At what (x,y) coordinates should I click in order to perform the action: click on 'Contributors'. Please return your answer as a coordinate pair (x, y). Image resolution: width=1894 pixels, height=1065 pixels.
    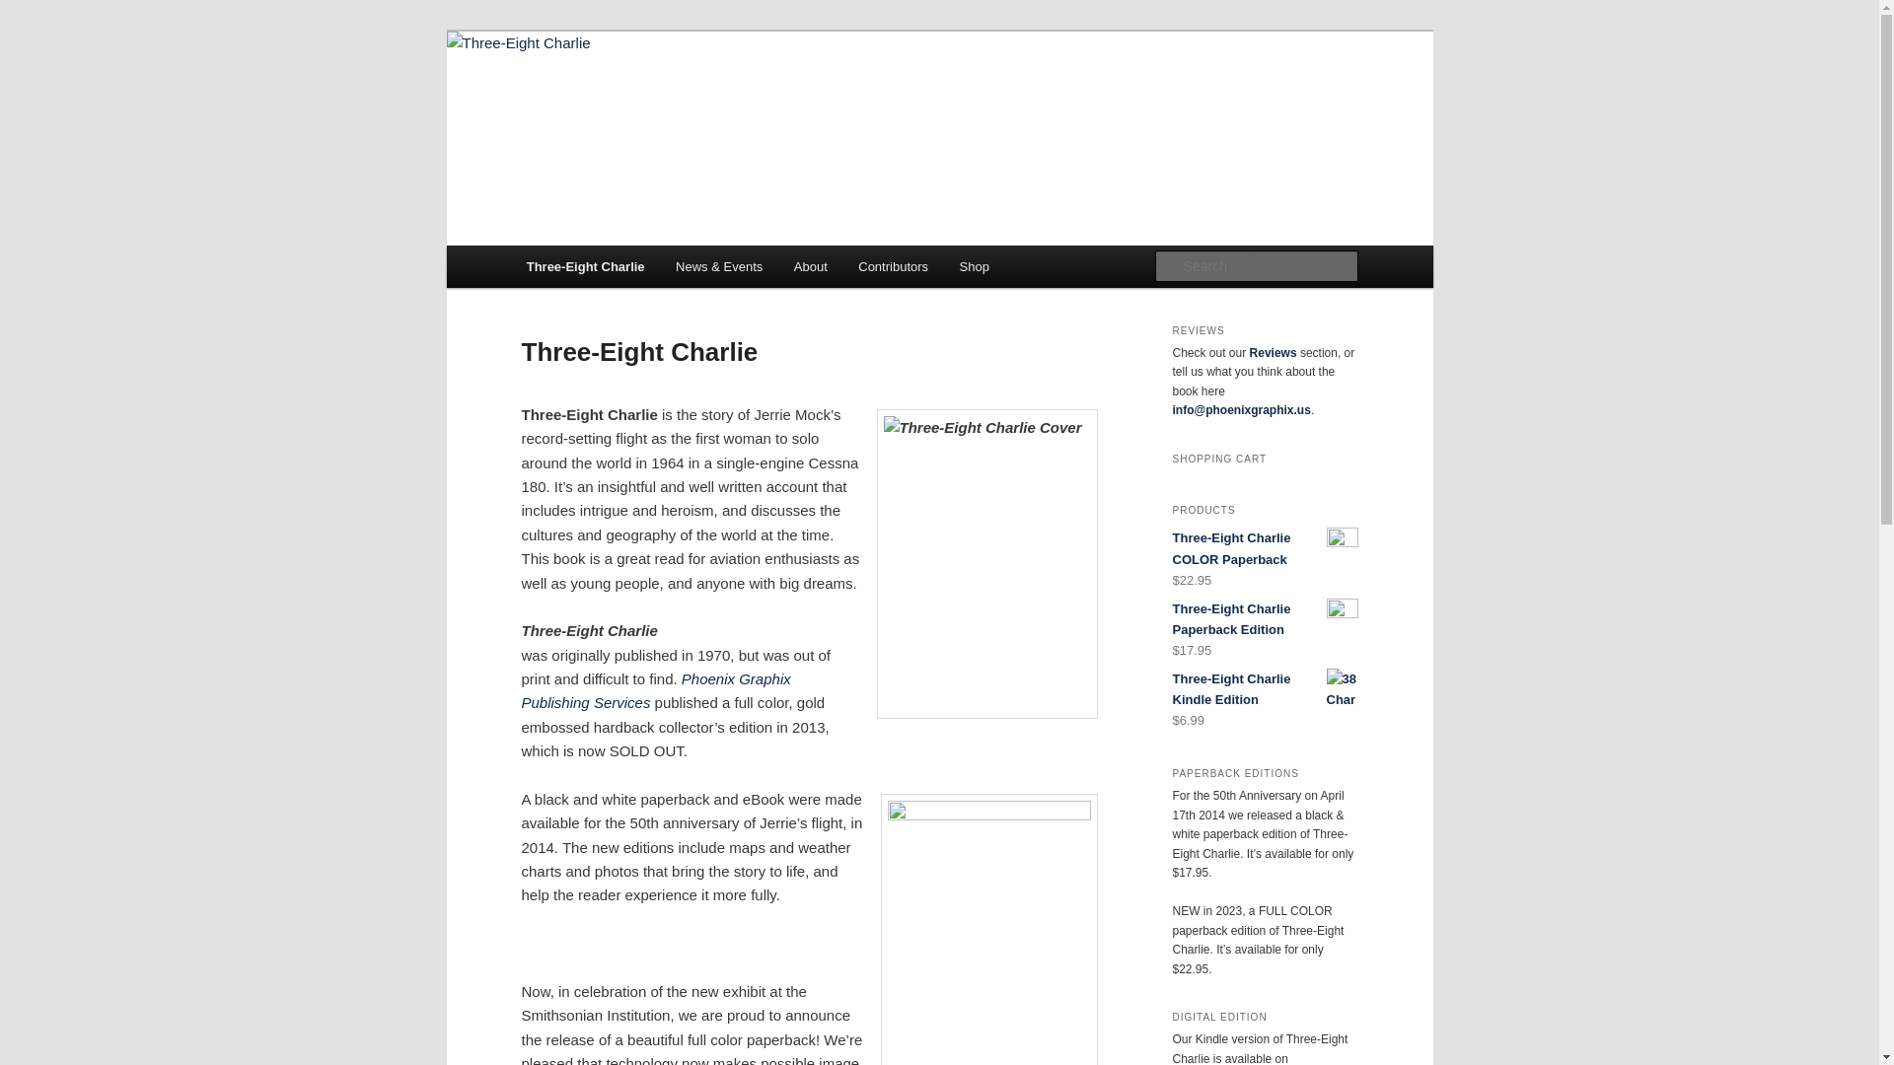
    Looking at the image, I should click on (892, 266).